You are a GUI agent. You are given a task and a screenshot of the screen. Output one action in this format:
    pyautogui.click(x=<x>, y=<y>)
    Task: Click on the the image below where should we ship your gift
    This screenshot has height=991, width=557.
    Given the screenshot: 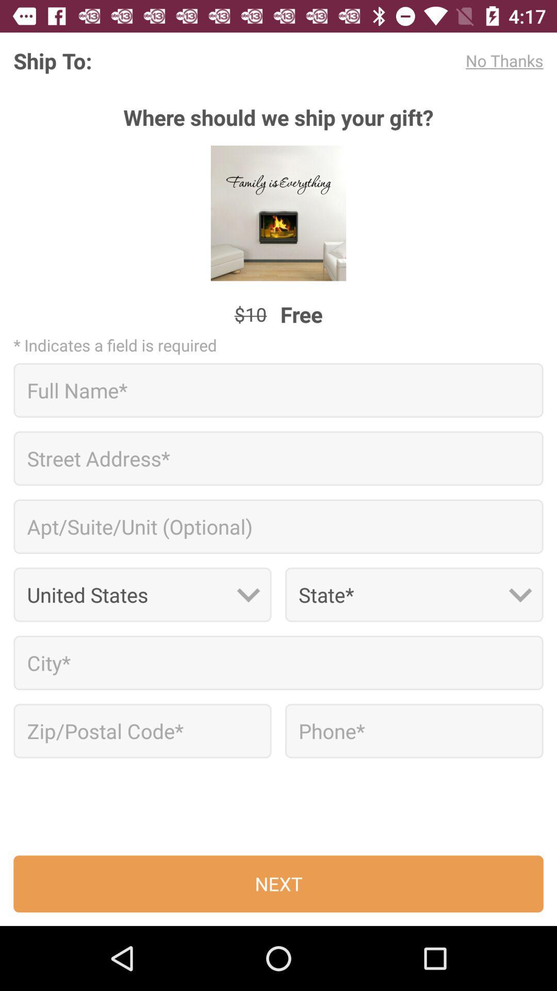 What is the action you would take?
    pyautogui.click(x=278, y=213)
    